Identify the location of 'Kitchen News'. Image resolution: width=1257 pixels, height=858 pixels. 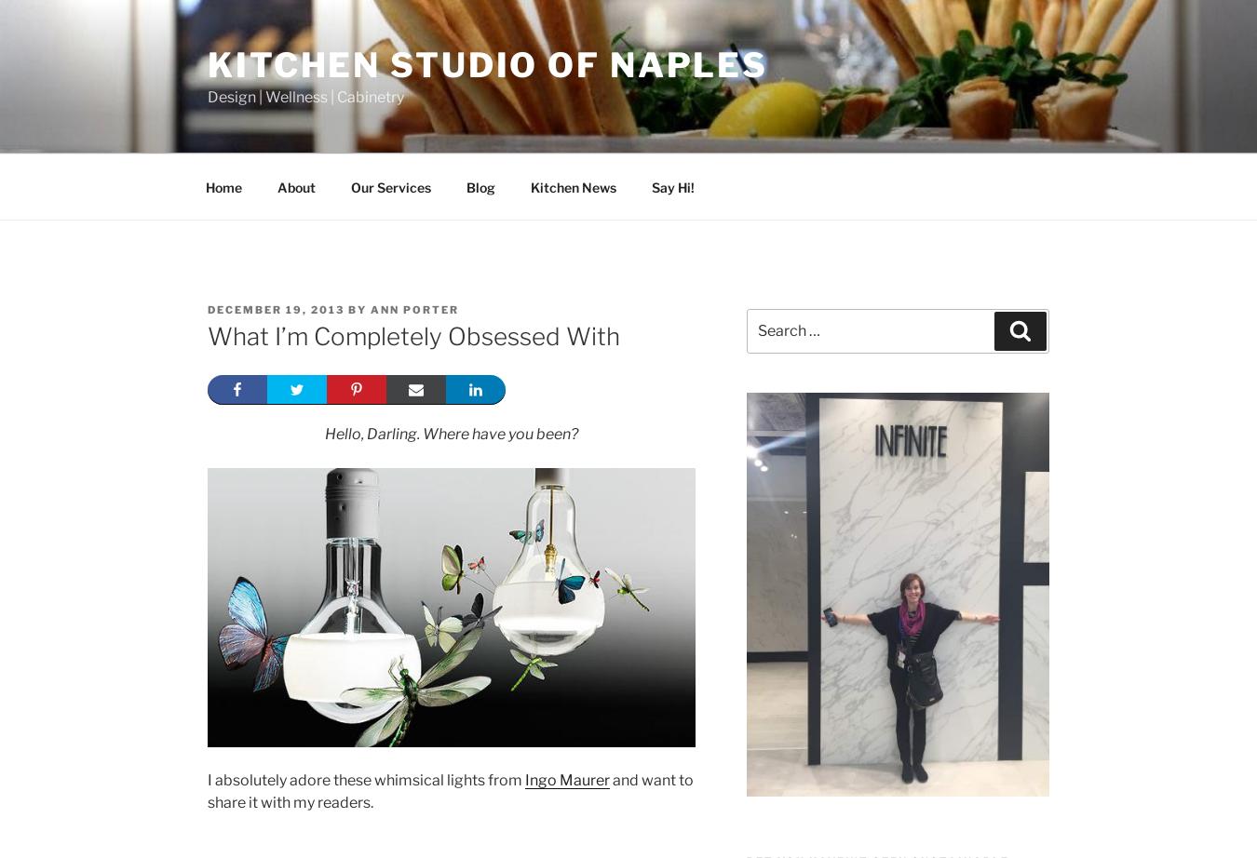
(573, 186).